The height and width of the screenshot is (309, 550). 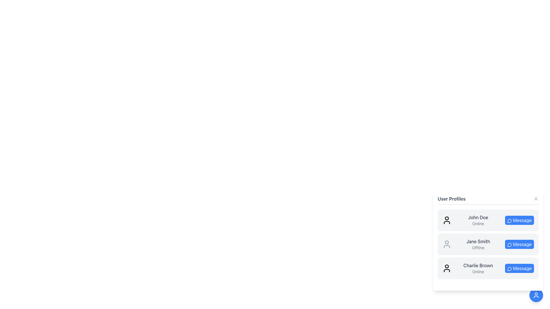 I want to click on the 'Message' button with a blue background and chat bubble icon located at the bottom right of Charlie Brown's profile to send a message, so click(x=519, y=268).